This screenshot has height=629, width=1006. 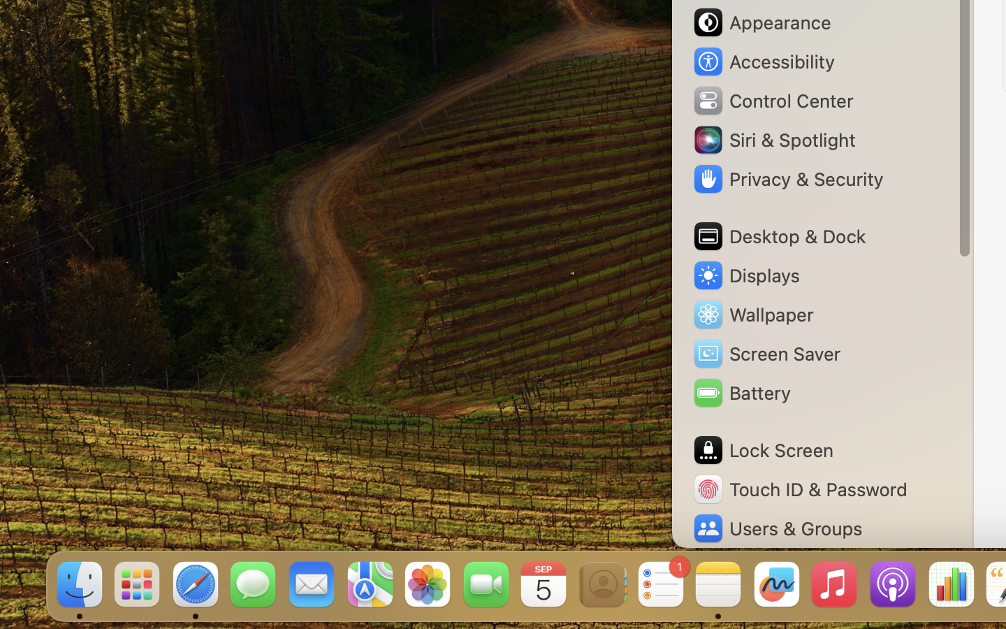 What do you see at coordinates (762, 61) in the screenshot?
I see `'Accessibility'` at bounding box center [762, 61].